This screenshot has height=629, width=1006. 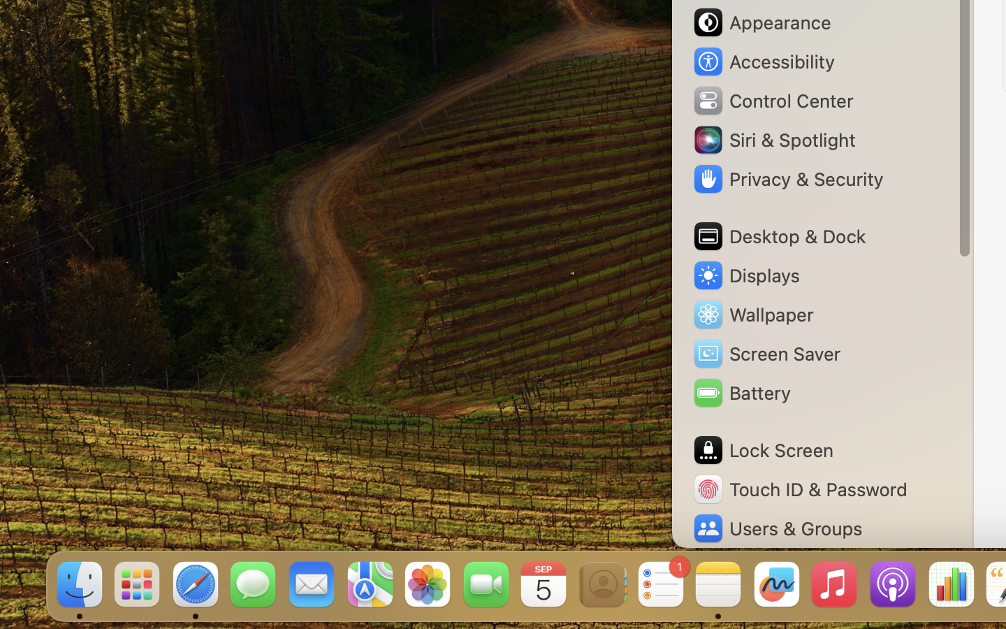 What do you see at coordinates (762, 61) in the screenshot?
I see `'Accessibility'` at bounding box center [762, 61].